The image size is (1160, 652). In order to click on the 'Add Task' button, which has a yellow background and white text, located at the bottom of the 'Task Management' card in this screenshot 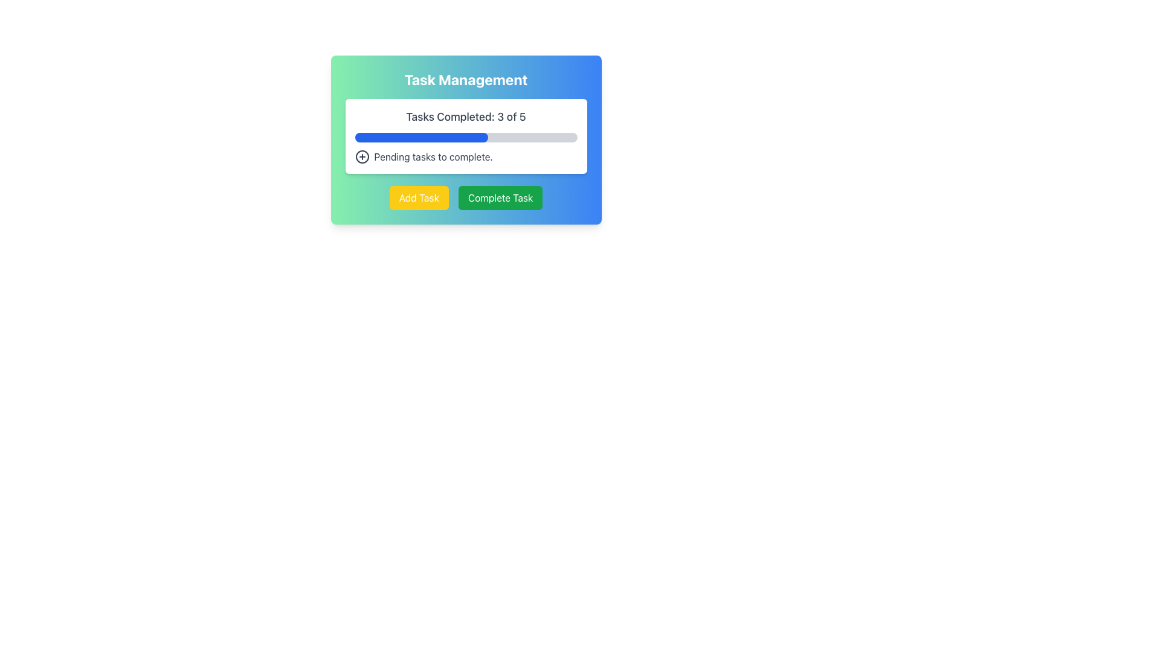, I will do `click(419, 197)`.